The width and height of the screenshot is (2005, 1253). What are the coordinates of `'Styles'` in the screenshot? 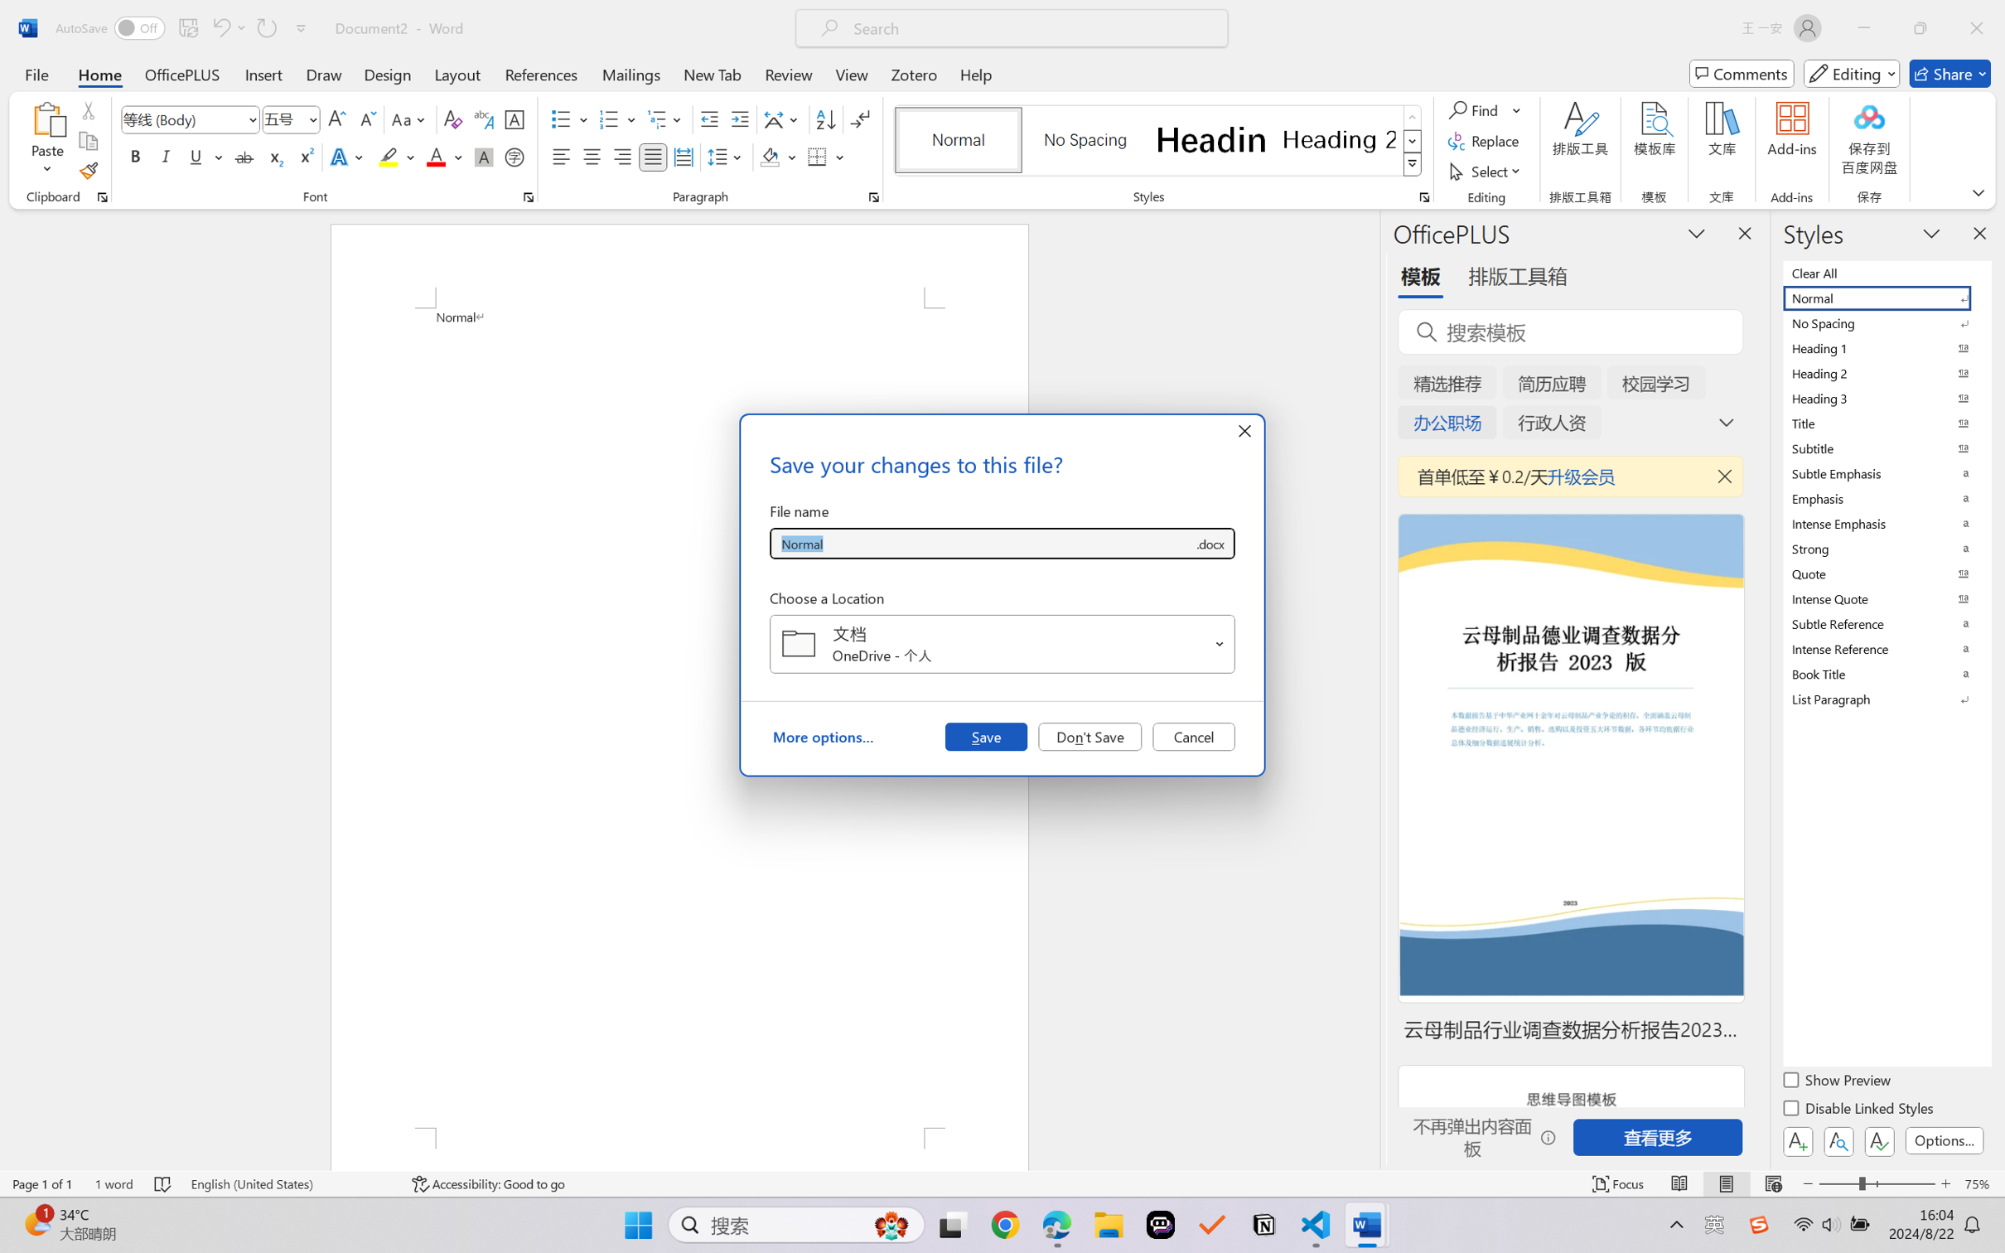 It's located at (1411, 164).